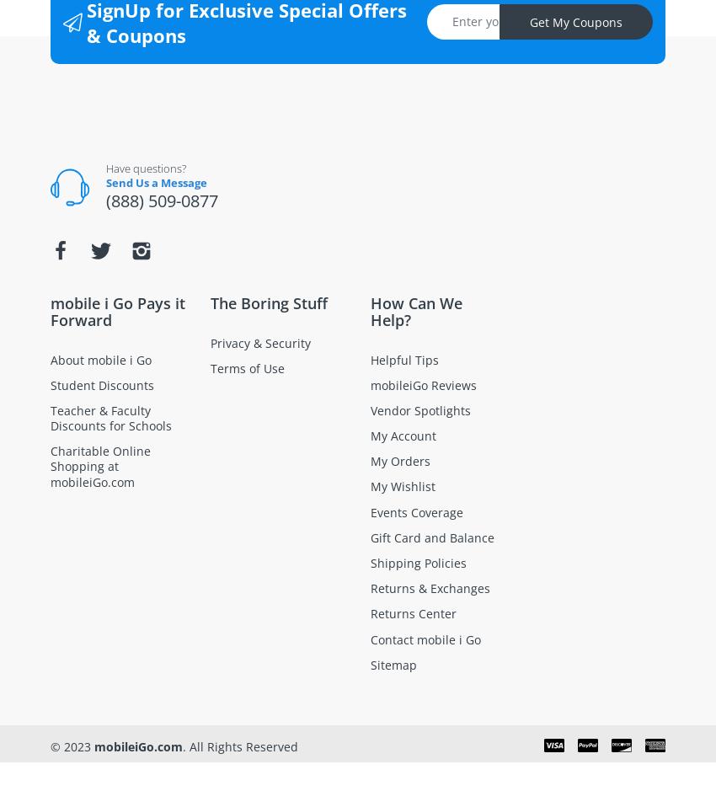  Describe the element at coordinates (403, 435) in the screenshot. I see `'My Account'` at that location.